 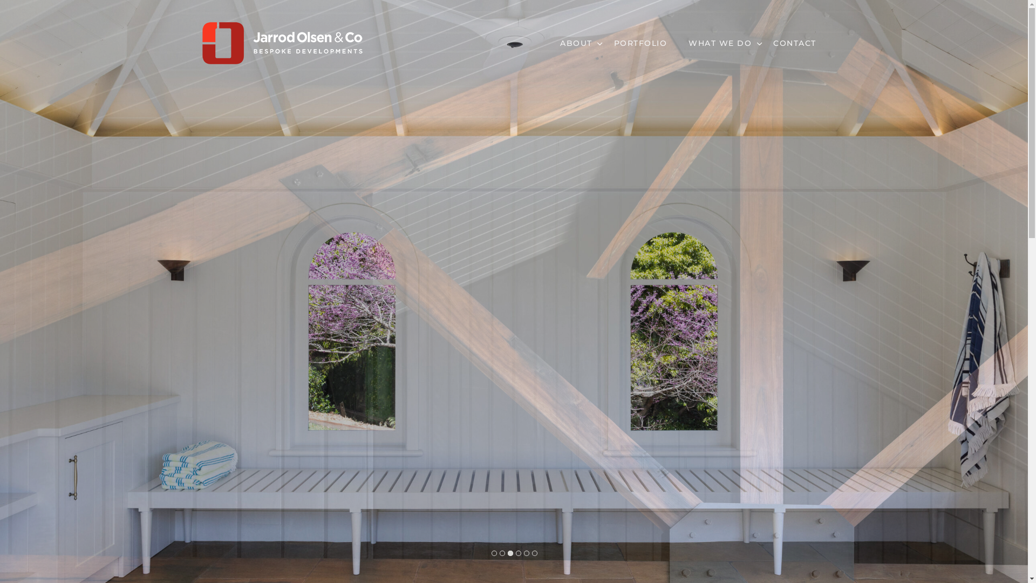 I want to click on 'PORTFOLIO', so click(x=640, y=43).